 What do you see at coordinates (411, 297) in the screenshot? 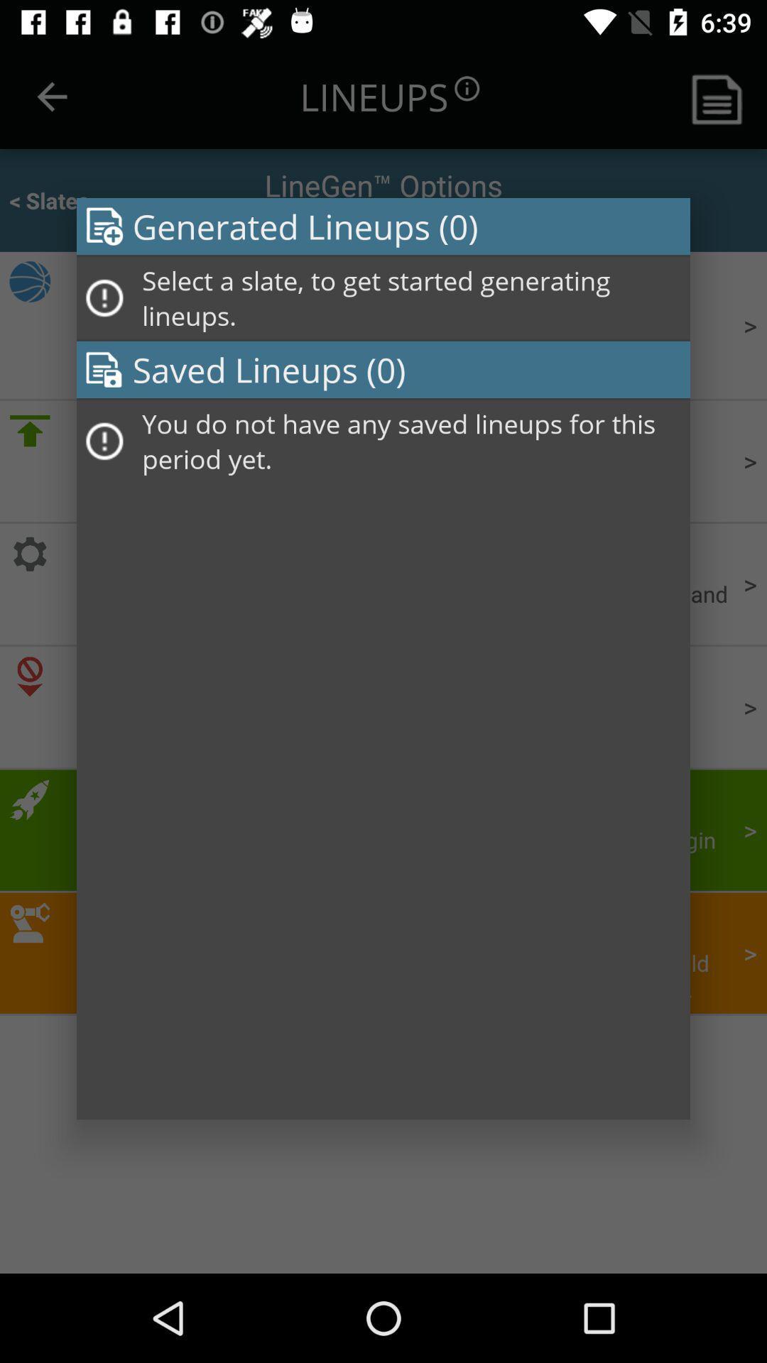
I see `select a slate item` at bounding box center [411, 297].